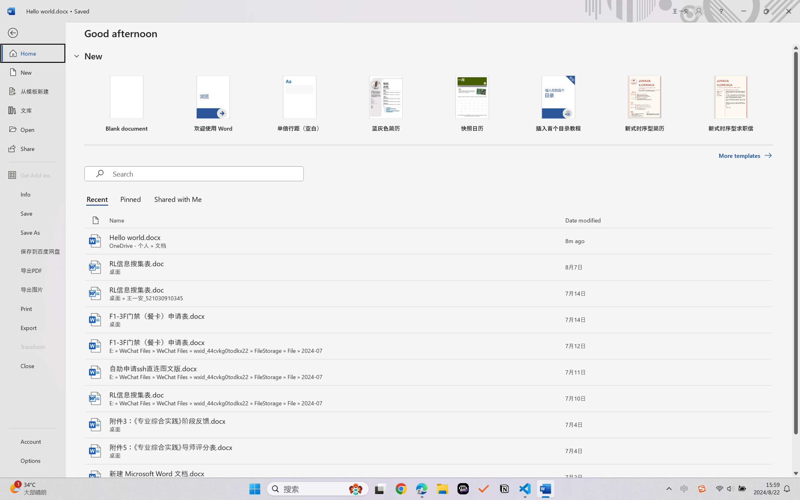  I want to click on 'Shared with Me', so click(176, 199).